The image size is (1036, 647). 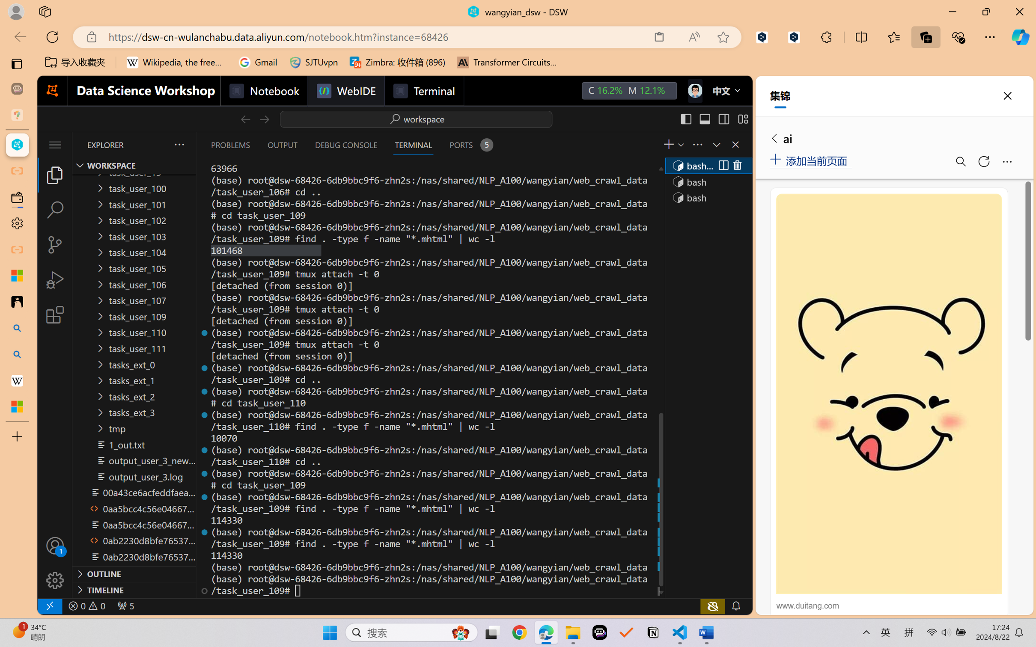 I want to click on 'Search (Ctrl+Shift+F)', so click(x=54, y=210).